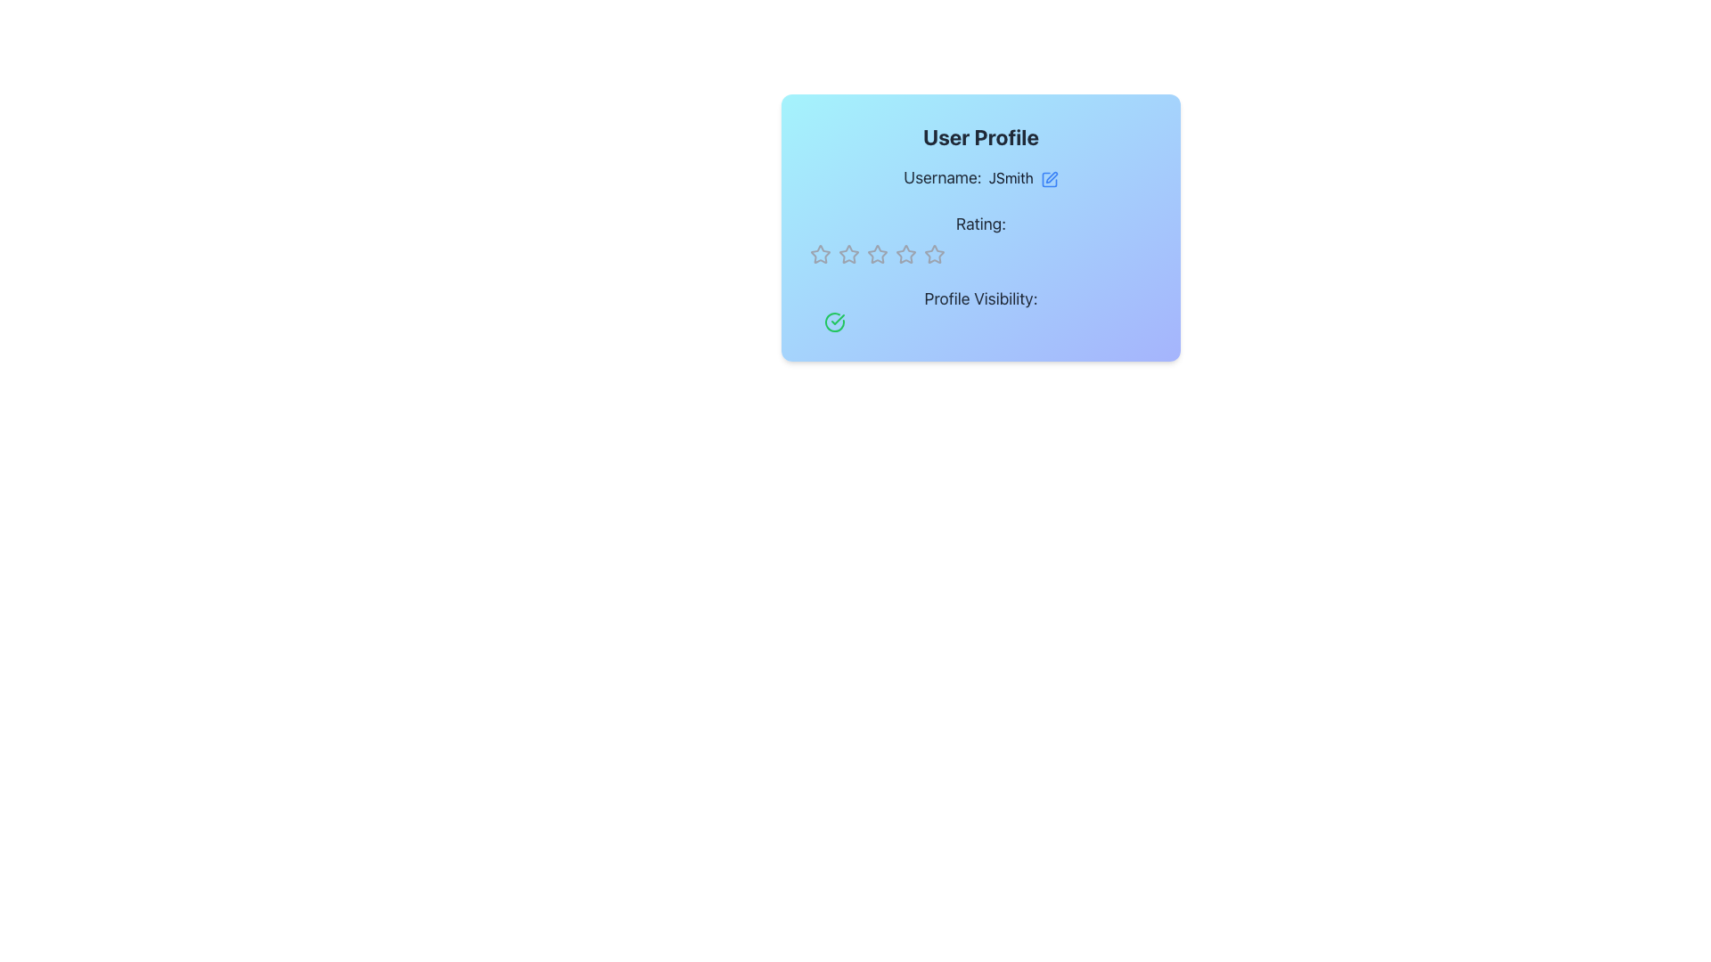  I want to click on the 'Username: JSmith' text block with the accompanying edit icon, so click(979, 178).